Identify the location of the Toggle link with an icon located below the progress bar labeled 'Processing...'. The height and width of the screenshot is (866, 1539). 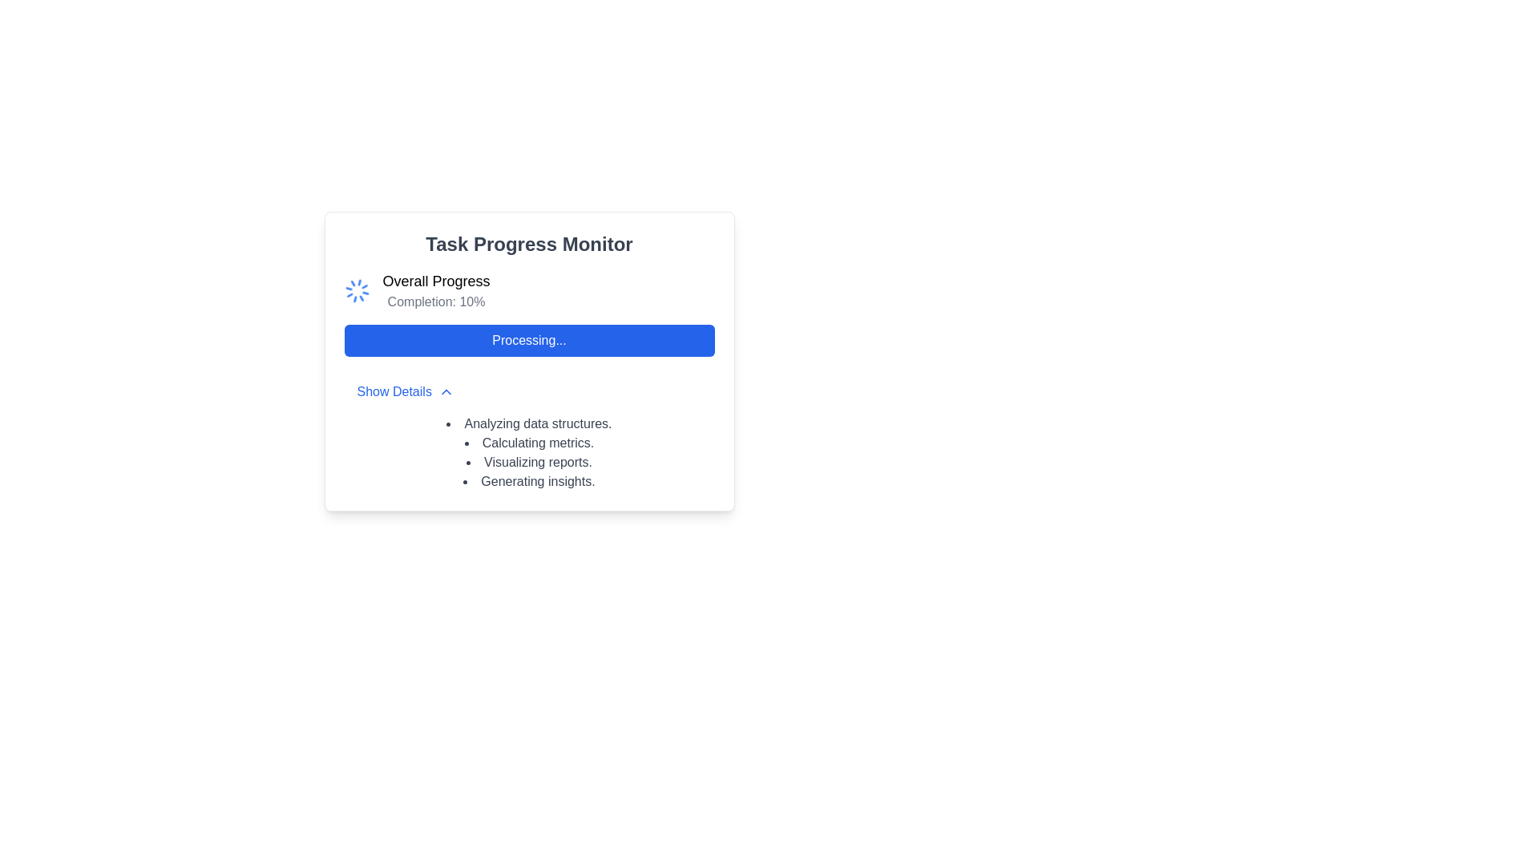
(406, 392).